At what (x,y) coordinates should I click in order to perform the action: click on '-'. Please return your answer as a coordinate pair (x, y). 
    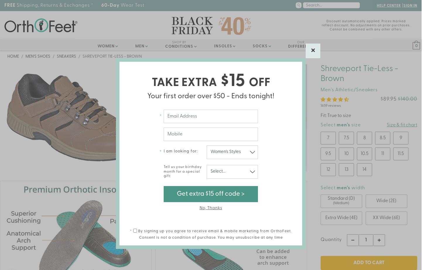
    Looking at the image, I should click on (338, 240).